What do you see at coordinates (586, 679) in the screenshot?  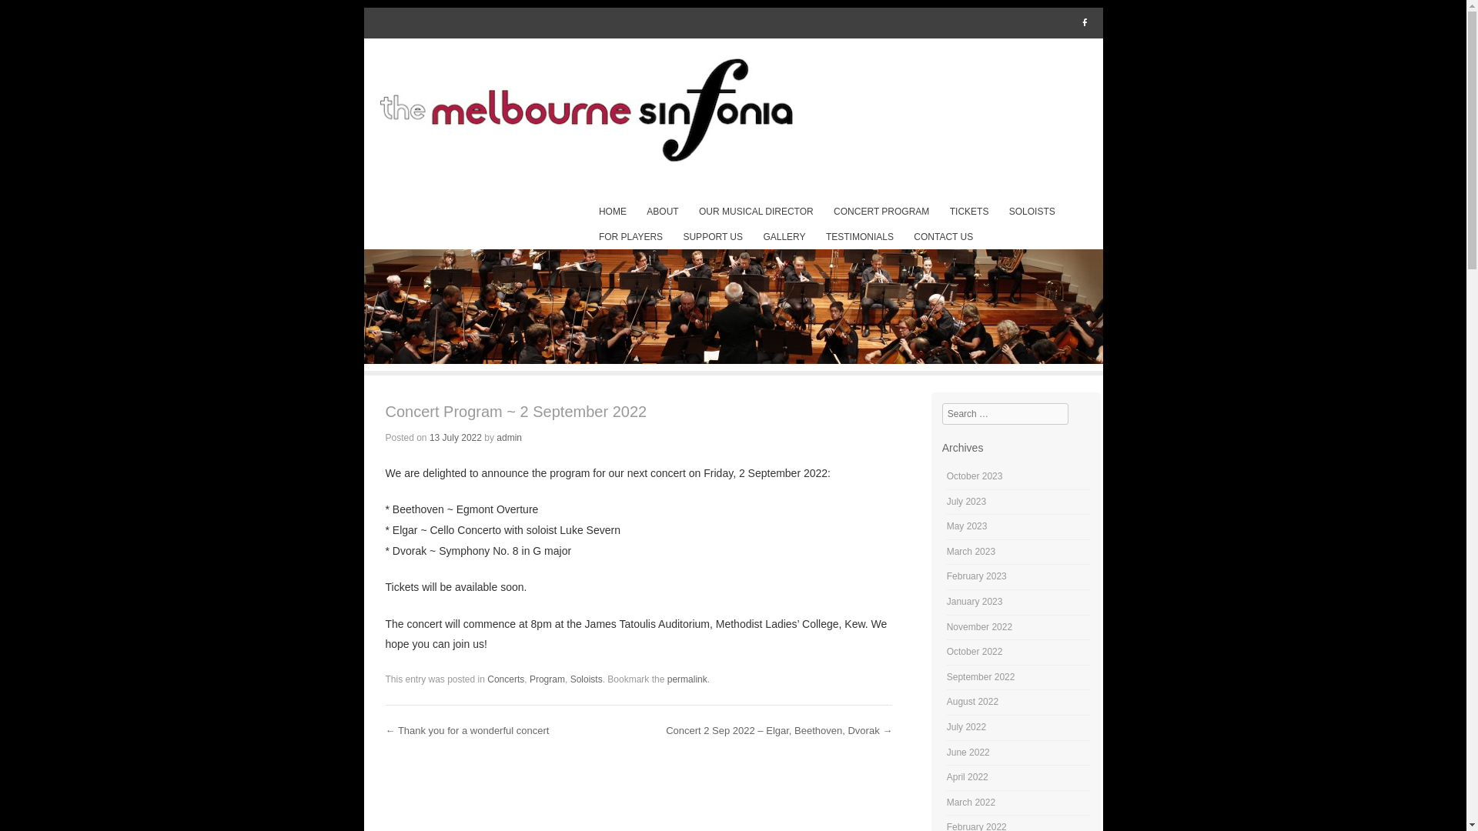 I see `'Soloists'` at bounding box center [586, 679].